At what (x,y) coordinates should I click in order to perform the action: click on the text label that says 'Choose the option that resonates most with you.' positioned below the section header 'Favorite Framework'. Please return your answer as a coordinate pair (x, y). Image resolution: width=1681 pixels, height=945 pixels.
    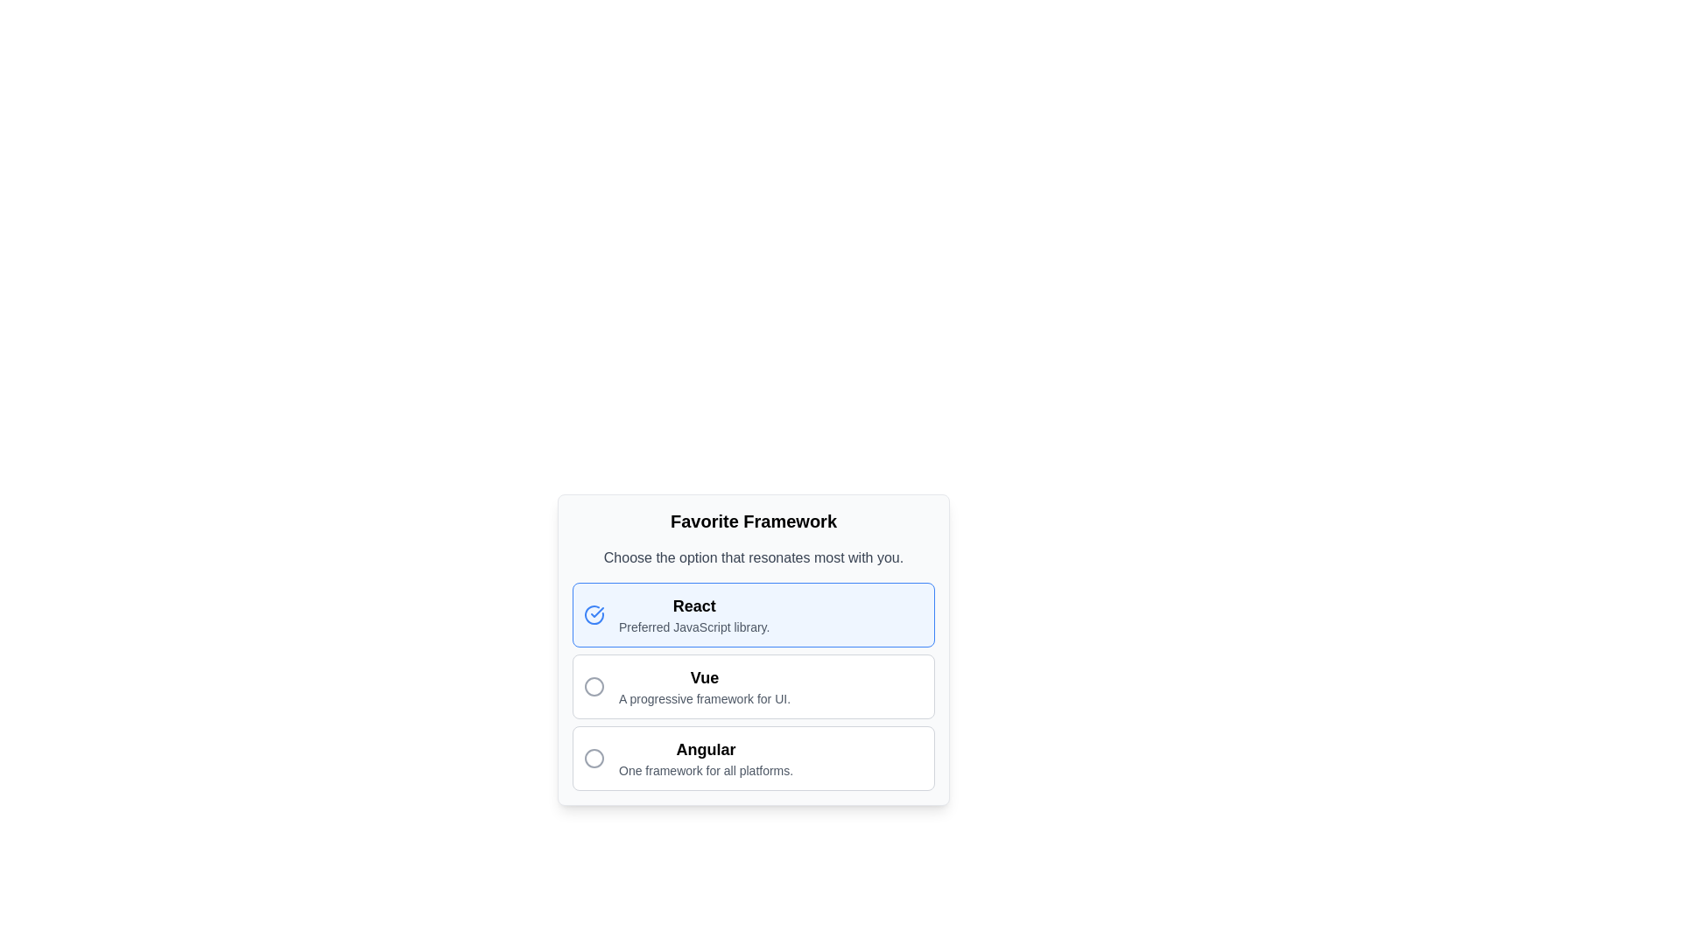
    Looking at the image, I should click on (753, 557).